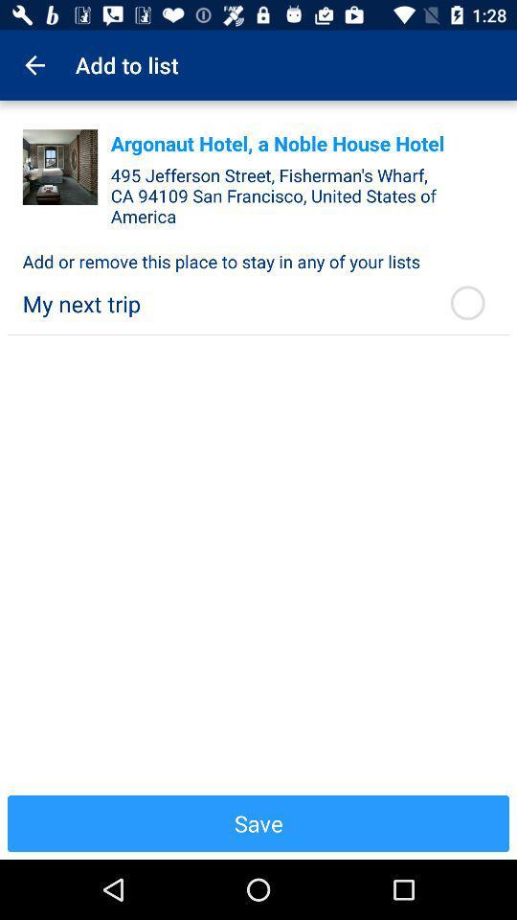 Image resolution: width=517 pixels, height=920 pixels. What do you see at coordinates (60, 166) in the screenshot?
I see `the item next to the argonaut hotel a app` at bounding box center [60, 166].